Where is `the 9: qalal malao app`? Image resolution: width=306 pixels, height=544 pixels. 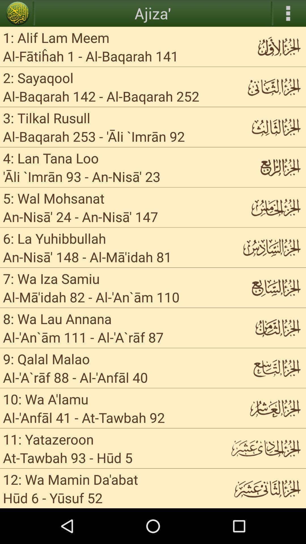 the 9: qalal malao app is located at coordinates (46, 358).